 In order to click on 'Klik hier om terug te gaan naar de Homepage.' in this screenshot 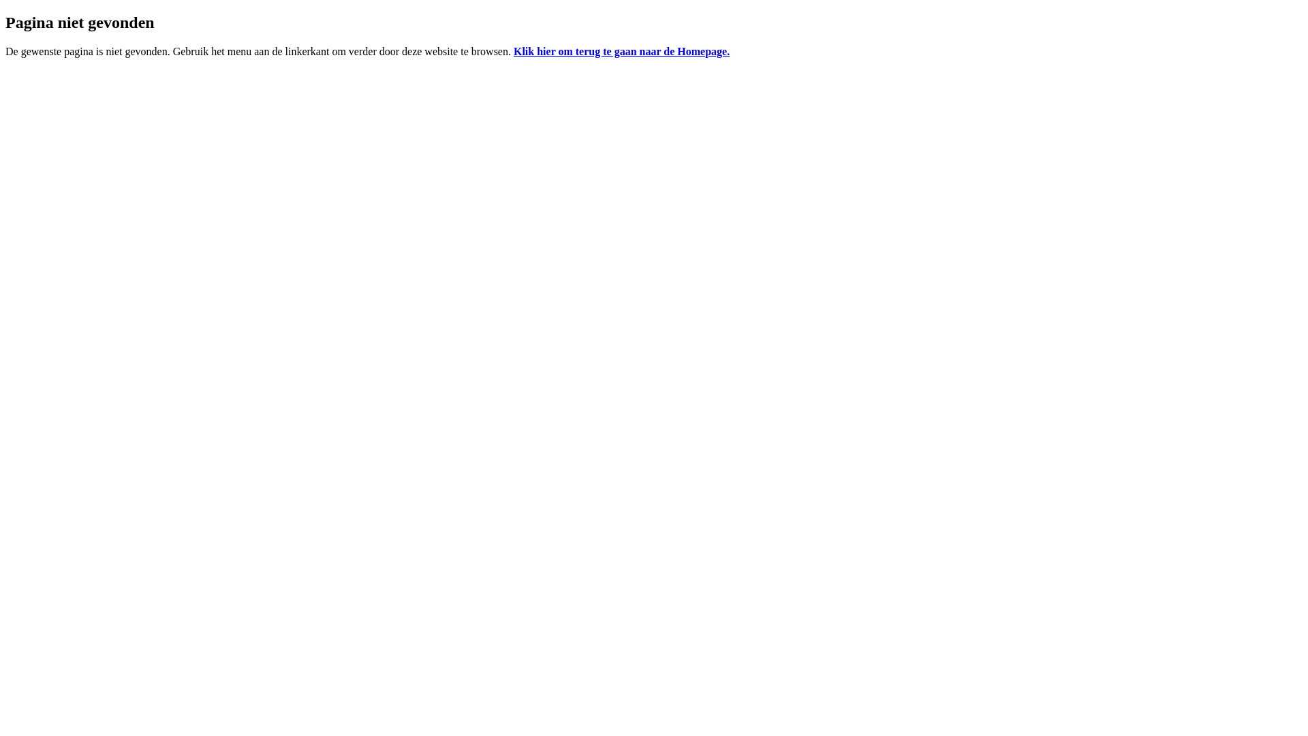, I will do `click(621, 50)`.